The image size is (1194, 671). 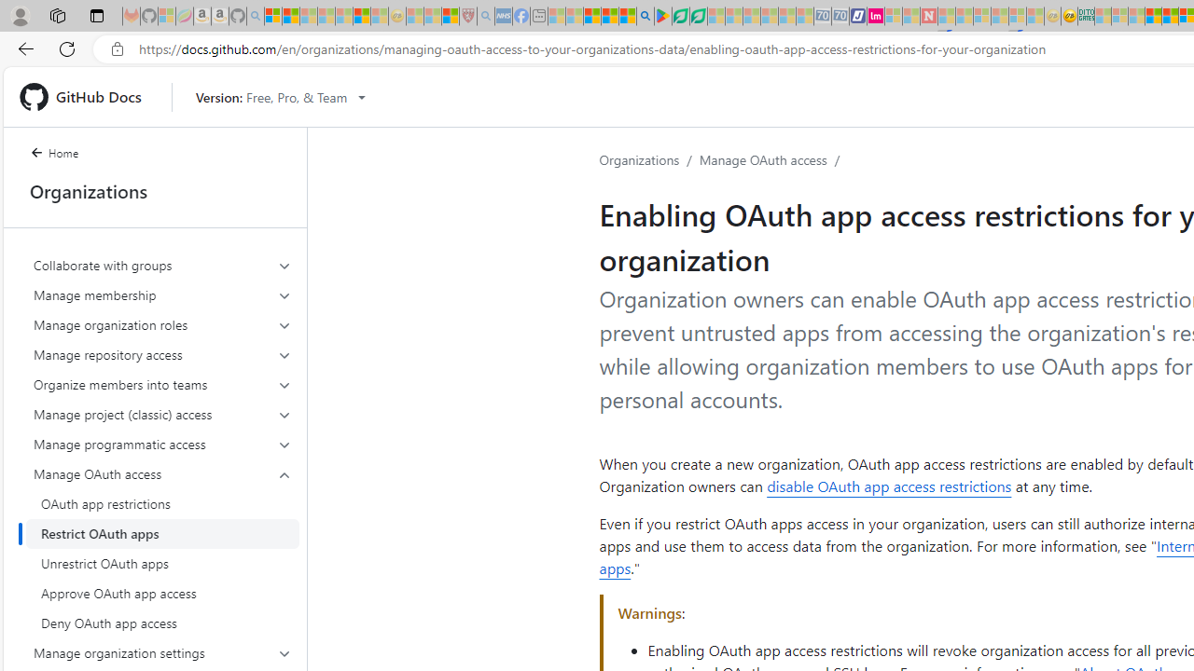 I want to click on 'MSNBC - MSN - Sleeping', so click(x=1103, y=16).